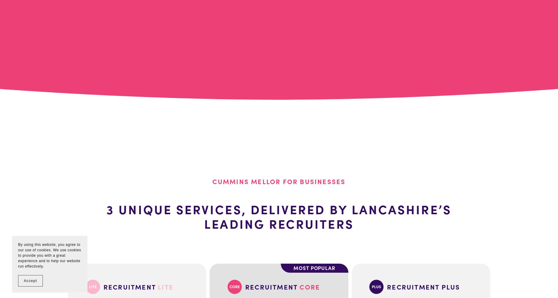 The height and width of the screenshot is (298, 558). What do you see at coordinates (451, 287) in the screenshot?
I see `'Plus'` at bounding box center [451, 287].